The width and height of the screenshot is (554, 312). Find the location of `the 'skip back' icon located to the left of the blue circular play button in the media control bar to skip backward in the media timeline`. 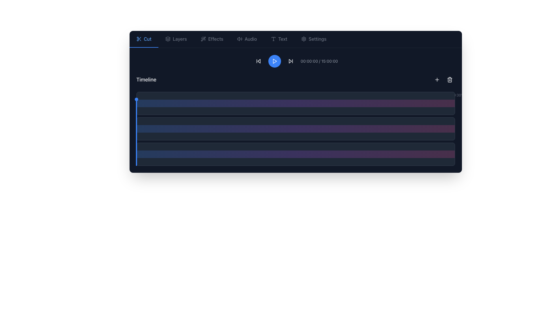

the 'skip back' icon located to the left of the blue circular play button in the media control bar to skip backward in the media timeline is located at coordinates (259, 61).